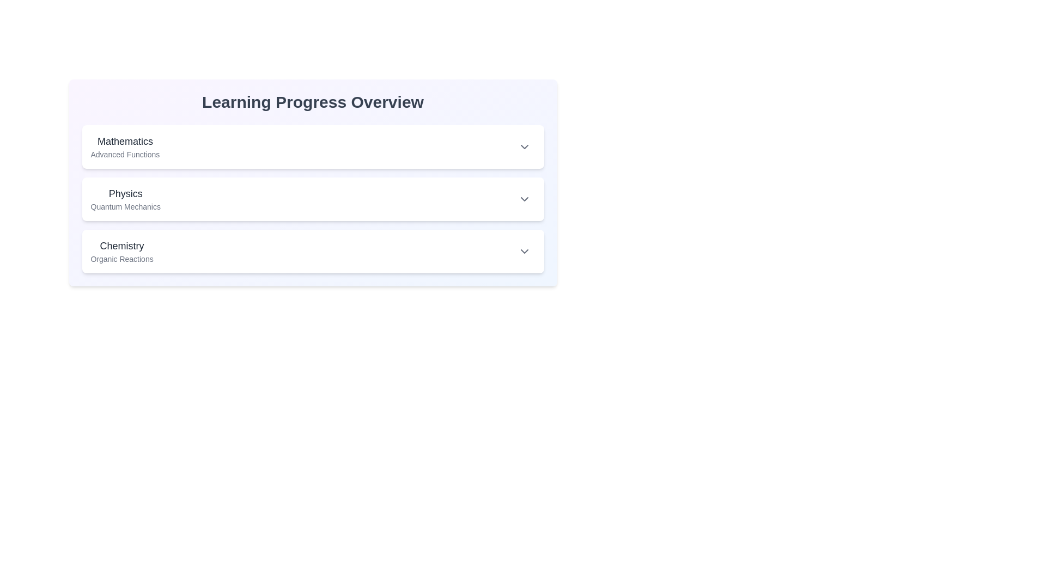  Describe the element at coordinates (125, 155) in the screenshot. I see `the descriptive subtitle element located under the 'Mathematics' header, which represents a specific area relating to 'Mathematics'` at that location.